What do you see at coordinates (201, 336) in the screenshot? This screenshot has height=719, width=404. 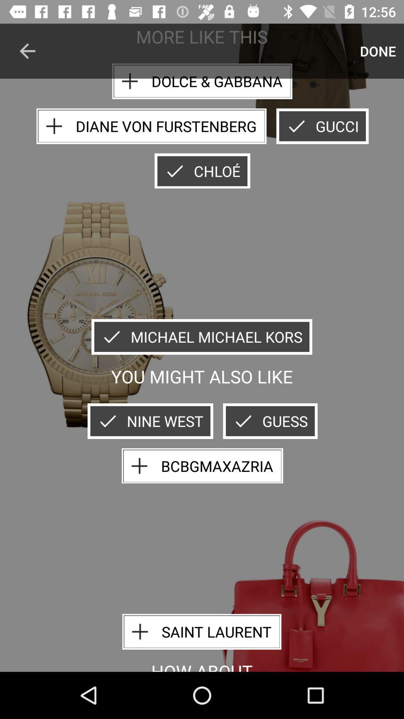 I see `the michael michael kors` at bounding box center [201, 336].